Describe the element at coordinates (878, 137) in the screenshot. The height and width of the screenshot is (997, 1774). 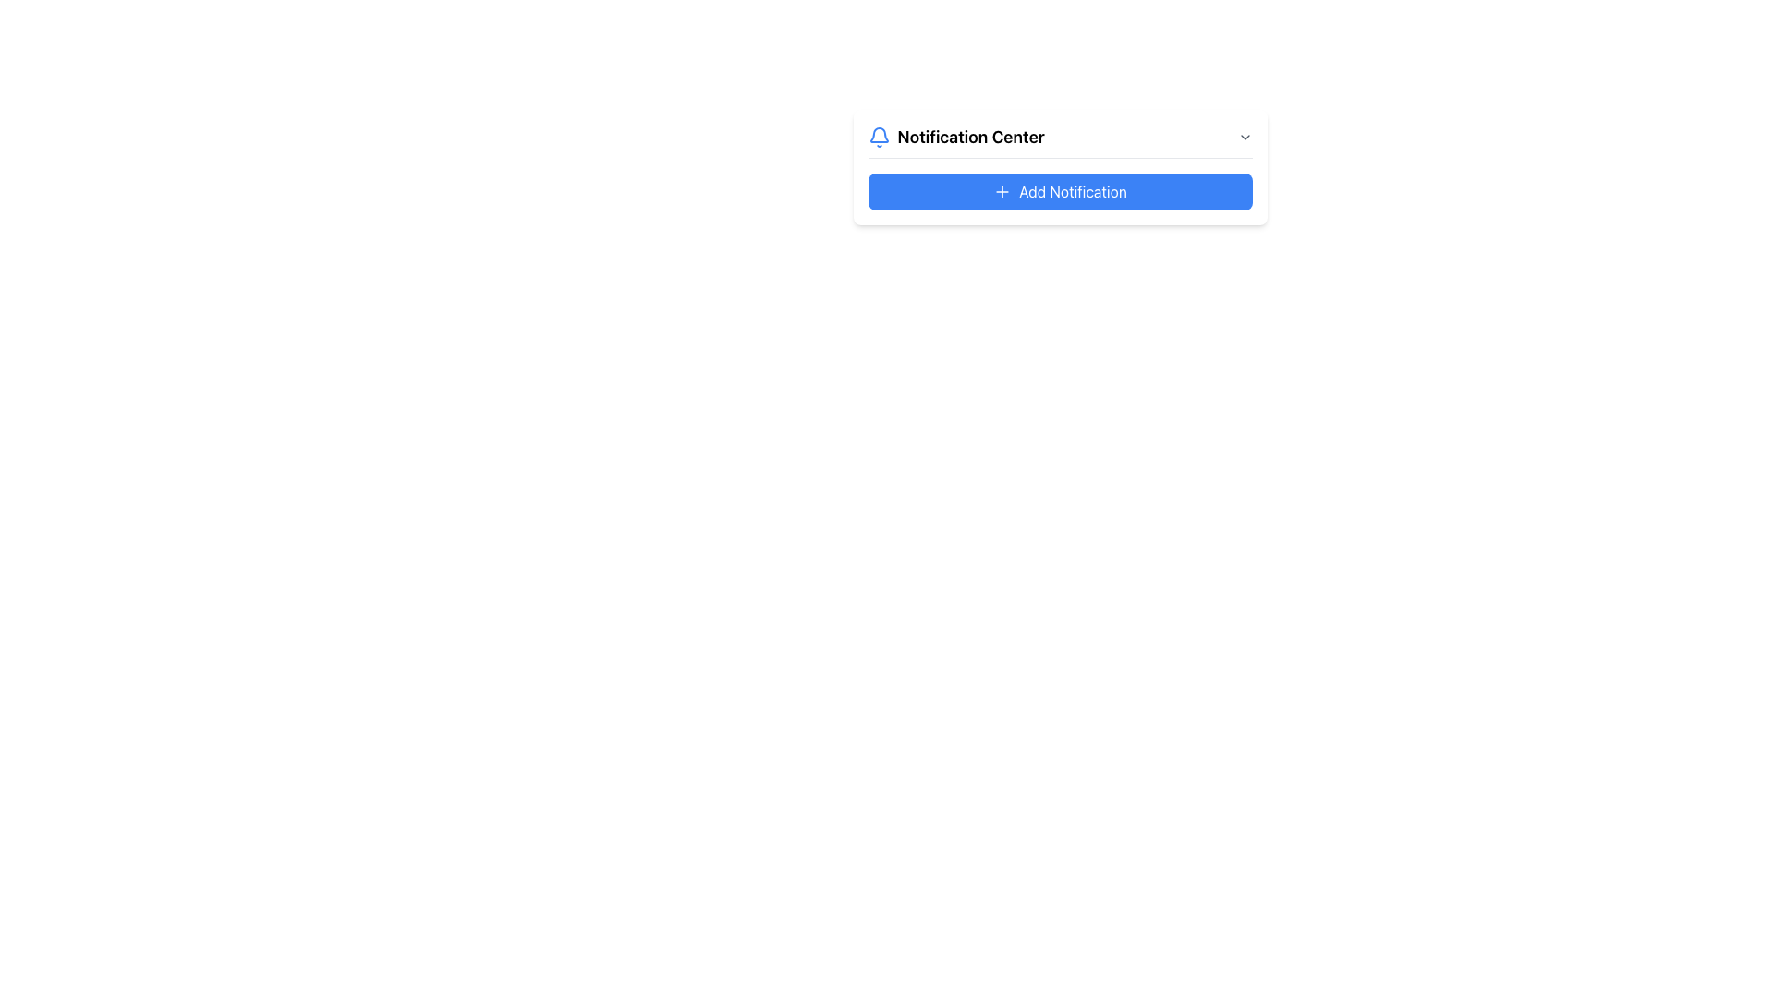
I see `the notification icon located at the far left of the 'Notification Center' section, right before the text label 'Notification Center'` at that location.